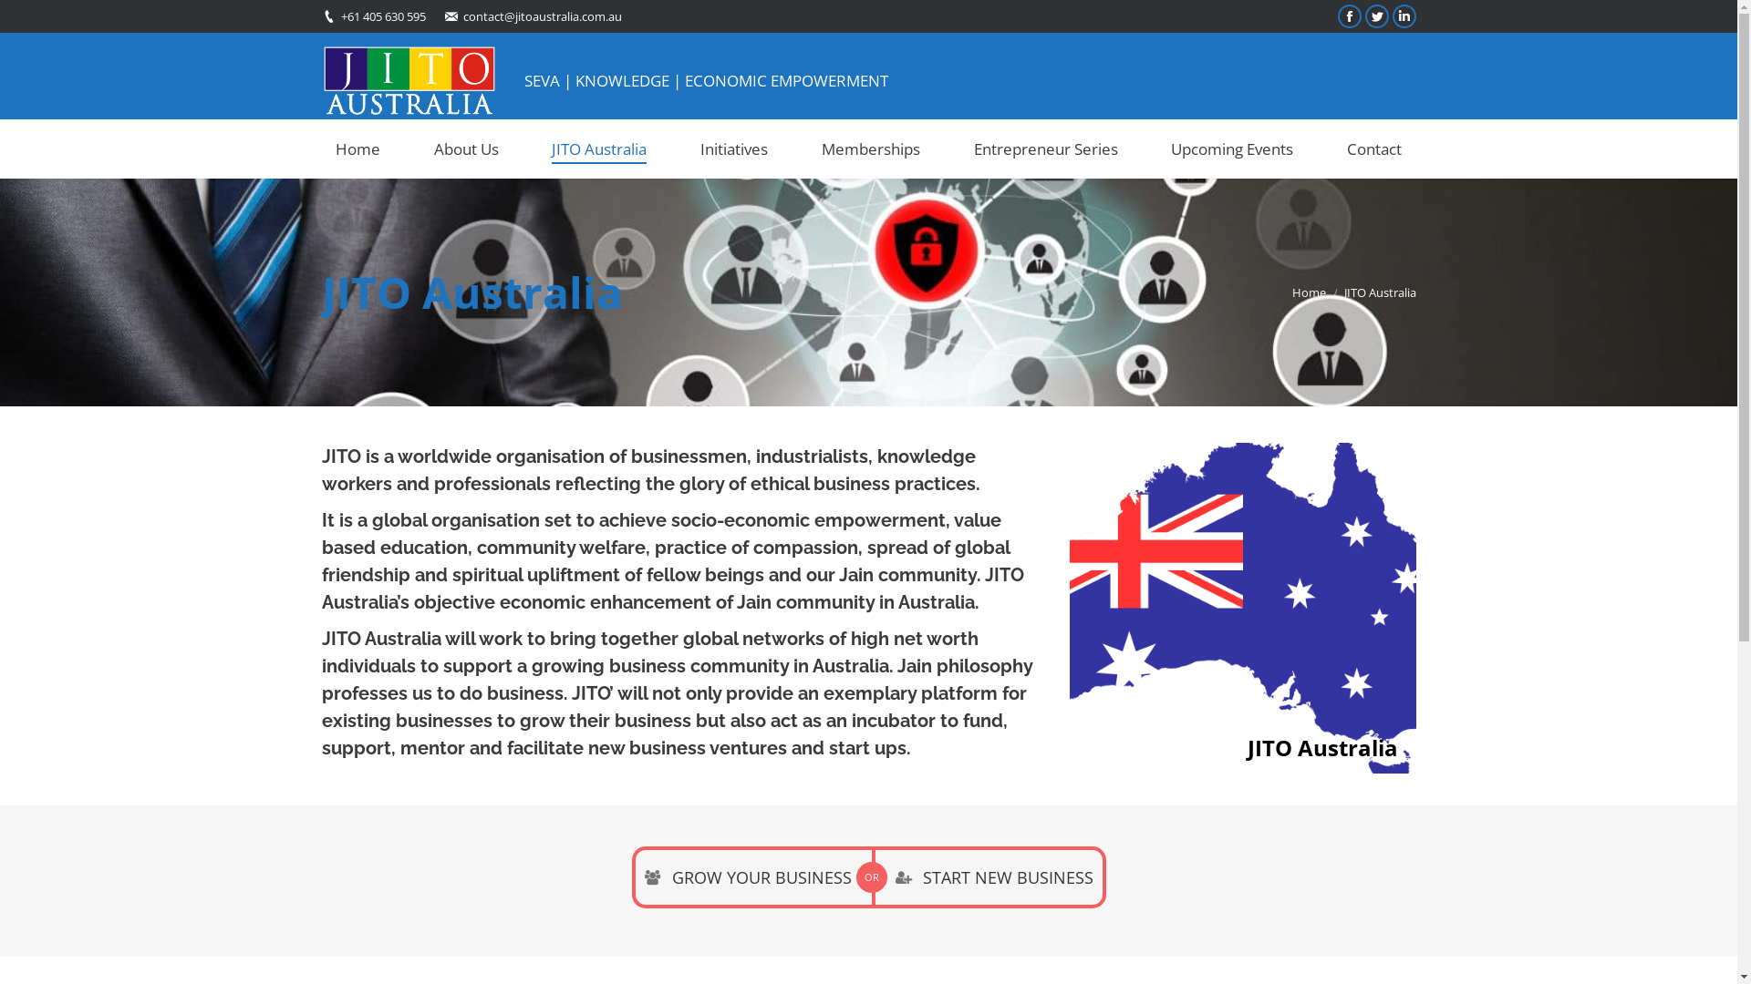  Describe the element at coordinates (988, 876) in the screenshot. I see `'START NEW BUSINESS'` at that location.